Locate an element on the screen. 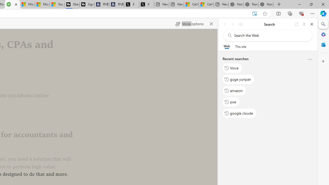 This screenshot has height=185, width=329. 'Search the web' is located at coordinates (270, 35).